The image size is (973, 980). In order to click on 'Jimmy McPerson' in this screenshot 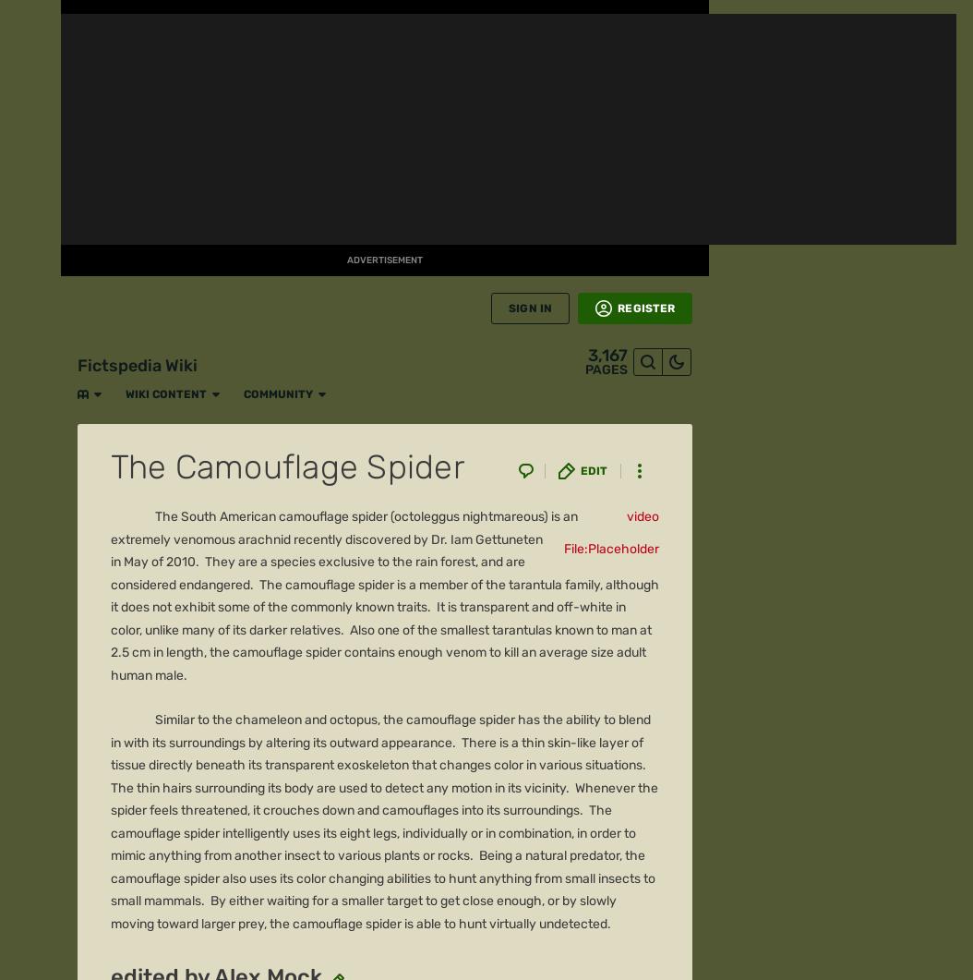, I will do `click(206, 281)`.